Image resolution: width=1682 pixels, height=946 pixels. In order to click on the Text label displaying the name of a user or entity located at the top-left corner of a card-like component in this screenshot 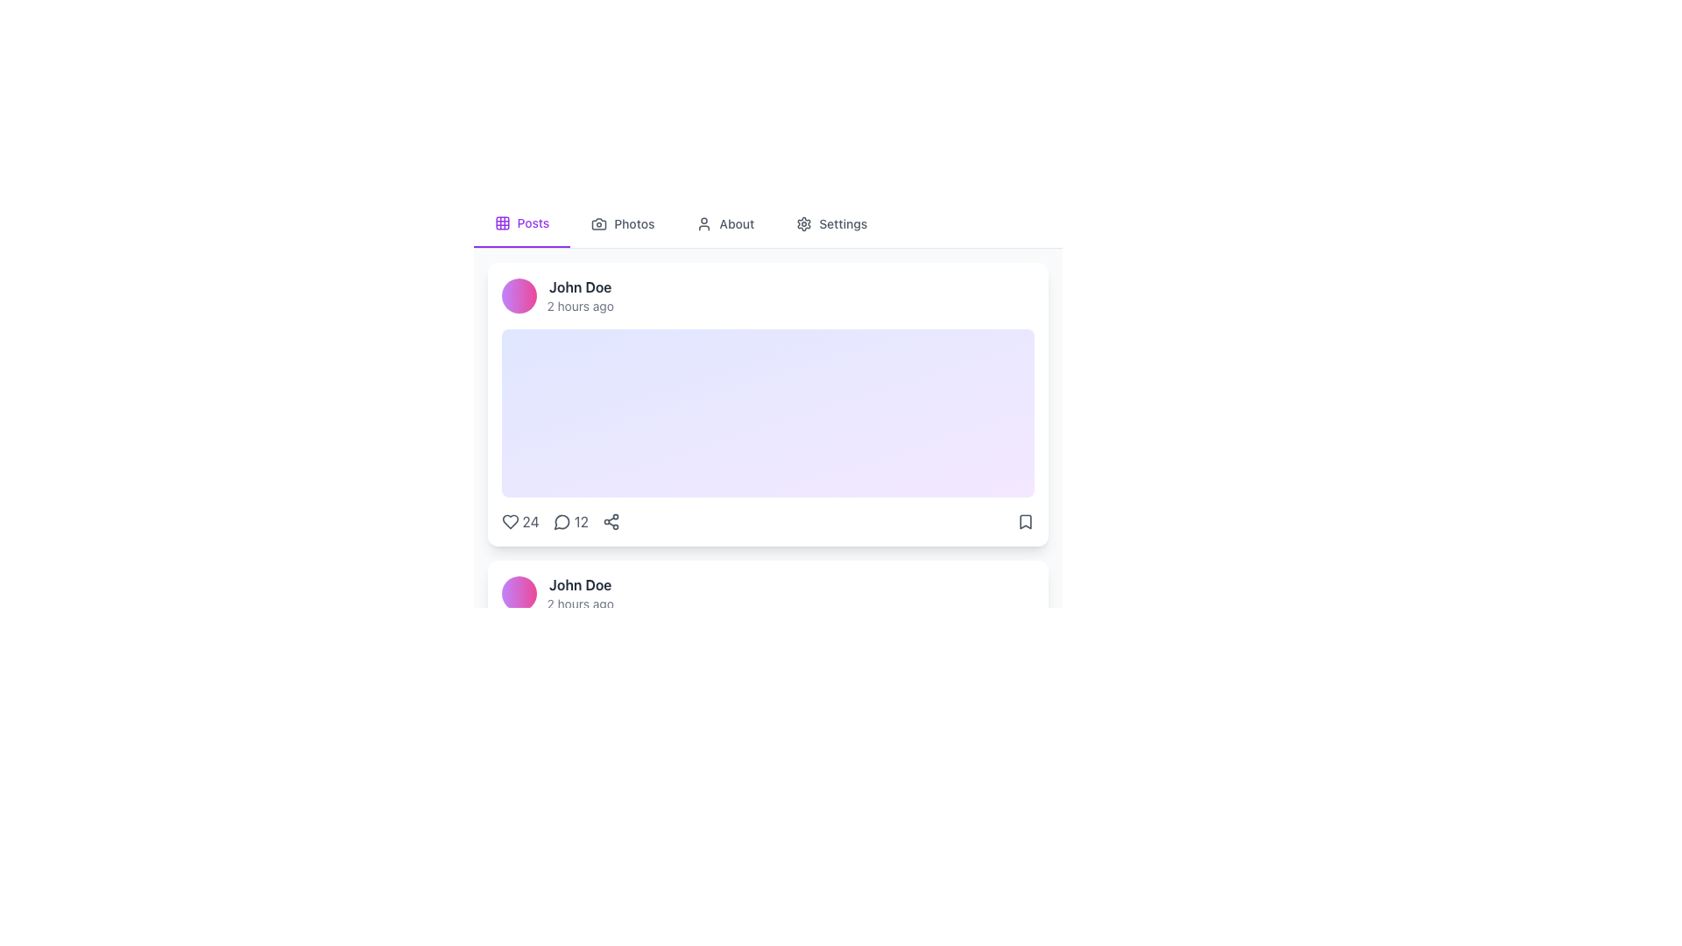, I will do `click(580, 286)`.